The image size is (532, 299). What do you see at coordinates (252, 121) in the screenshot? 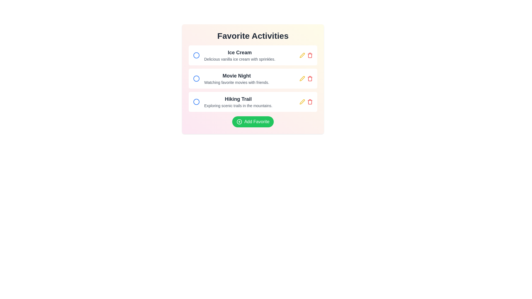
I see `the 'Add Favorite' button with a green background and white text` at bounding box center [252, 121].